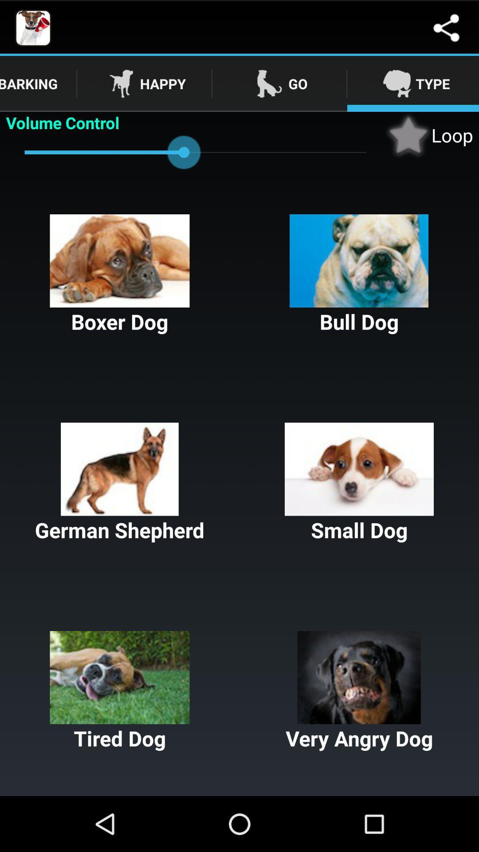 Image resolution: width=479 pixels, height=852 pixels. What do you see at coordinates (359, 483) in the screenshot?
I see `small dog` at bounding box center [359, 483].